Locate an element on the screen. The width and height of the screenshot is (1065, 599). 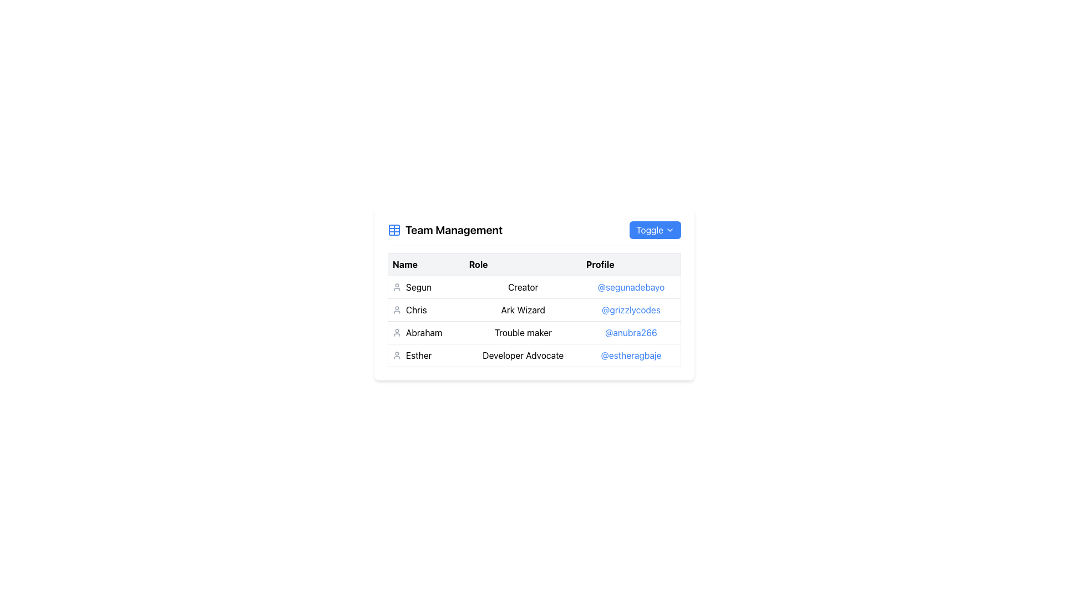
the user silhouette icon located in the last row of the 'Team Management' table, positioned directly before the text 'Esther' is located at coordinates (397, 355).